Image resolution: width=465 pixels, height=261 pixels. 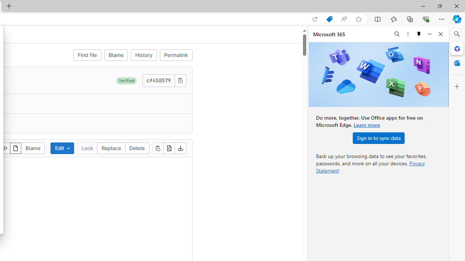 What do you see at coordinates (87, 54) in the screenshot?
I see `'Find file'` at bounding box center [87, 54].